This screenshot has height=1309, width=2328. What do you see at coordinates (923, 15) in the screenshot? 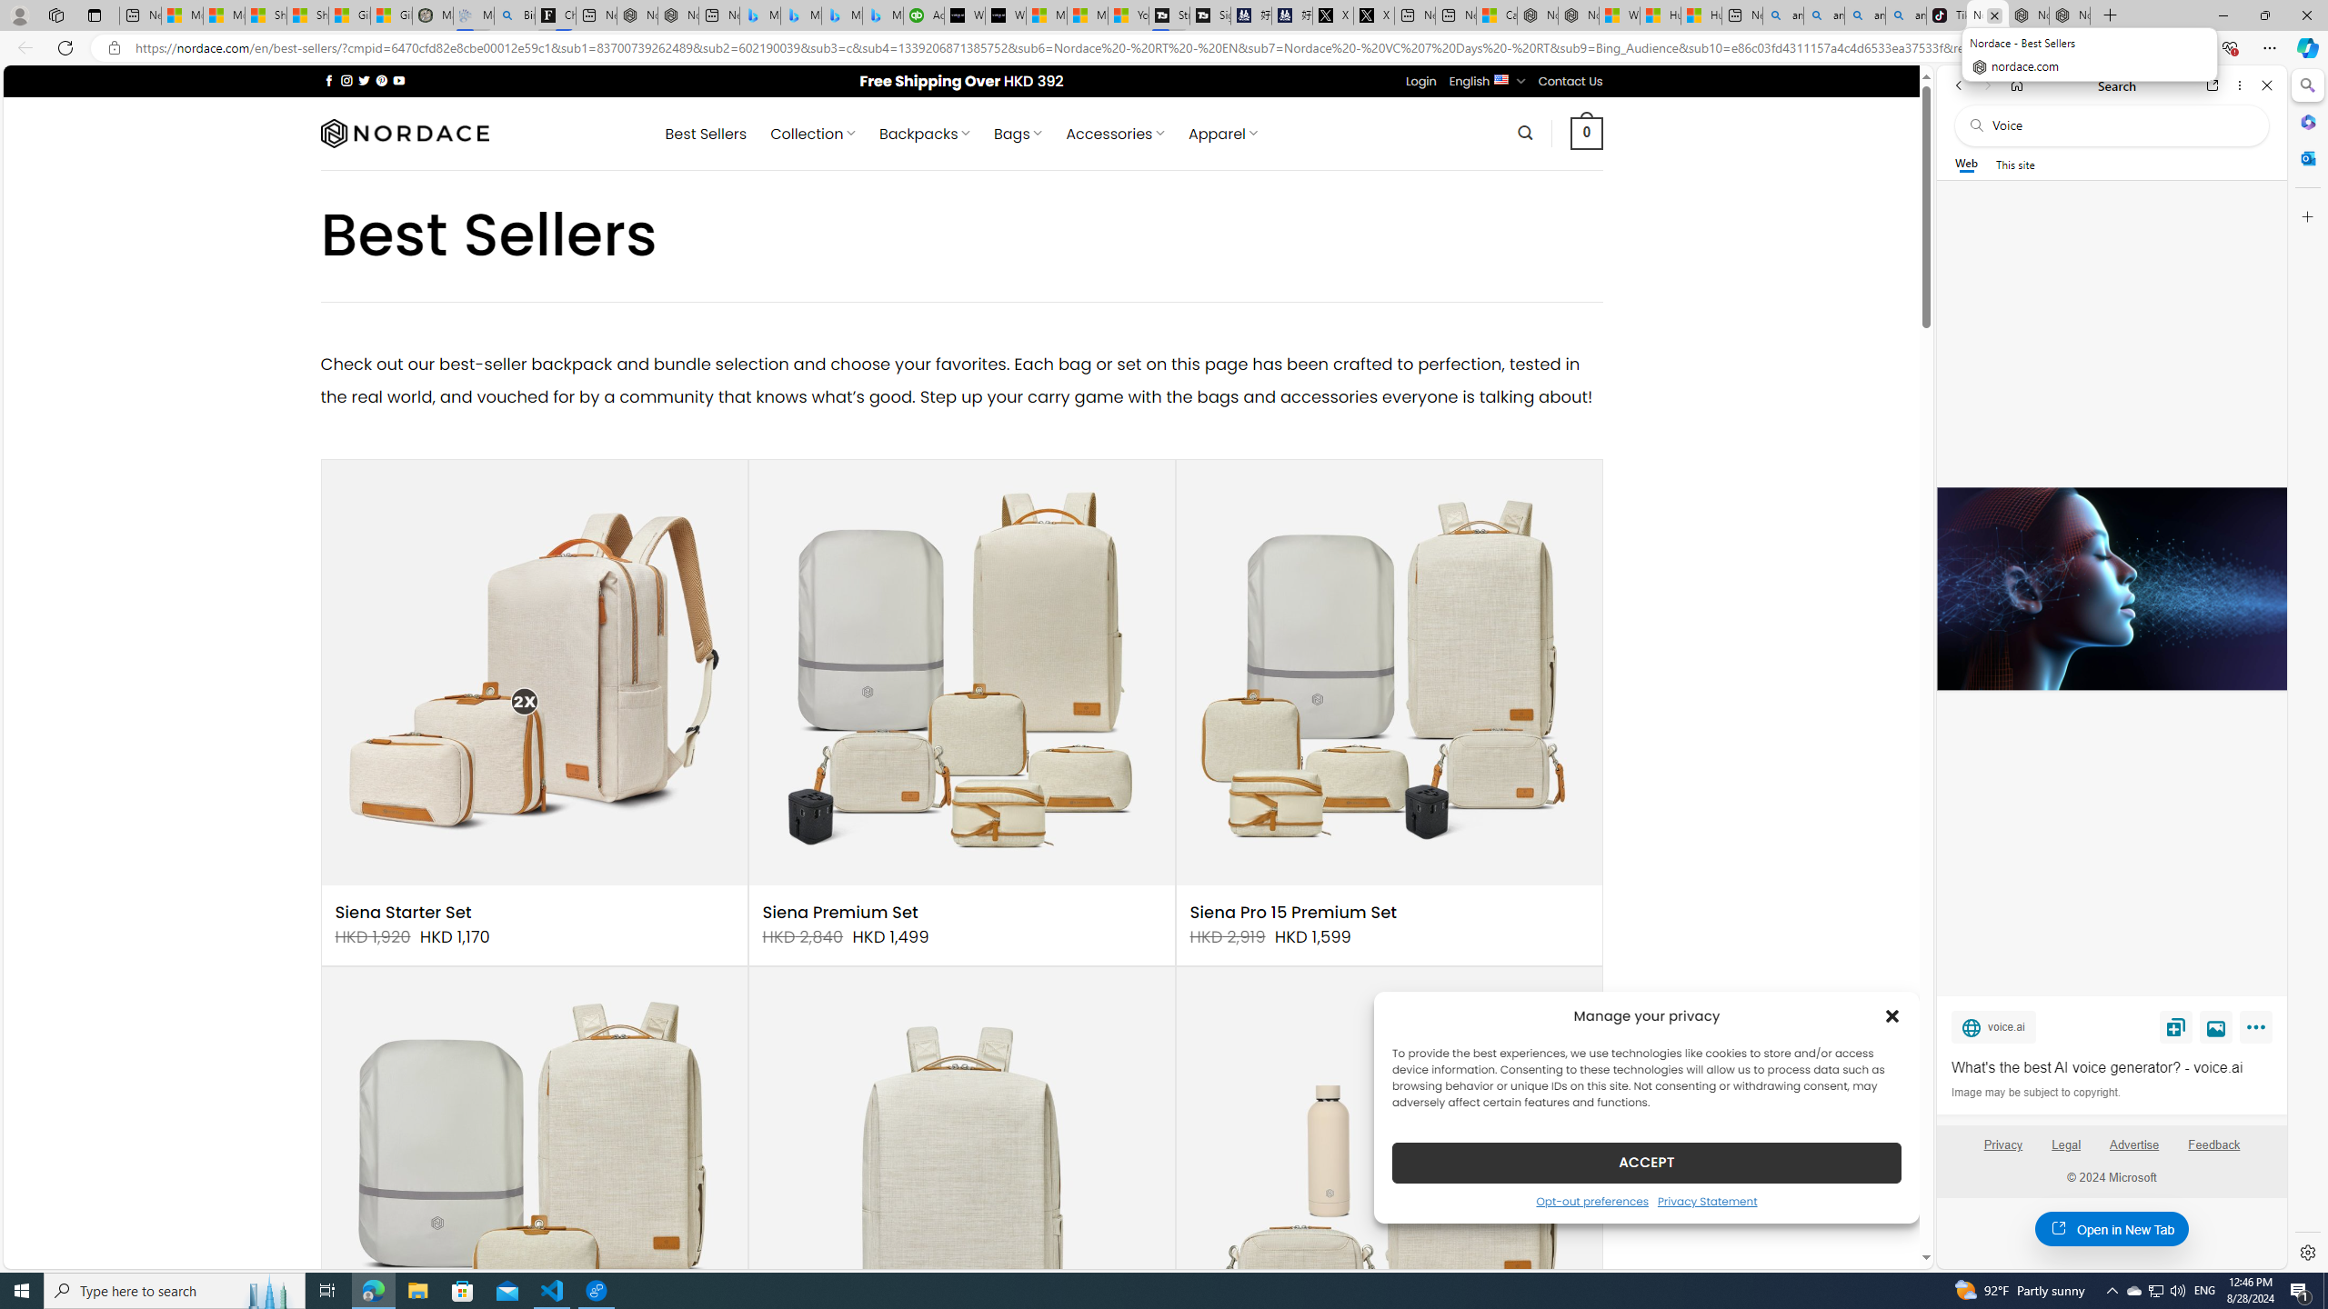
I see `'Accounting Software for Accountants, CPAs and Bookkeepers'` at bounding box center [923, 15].